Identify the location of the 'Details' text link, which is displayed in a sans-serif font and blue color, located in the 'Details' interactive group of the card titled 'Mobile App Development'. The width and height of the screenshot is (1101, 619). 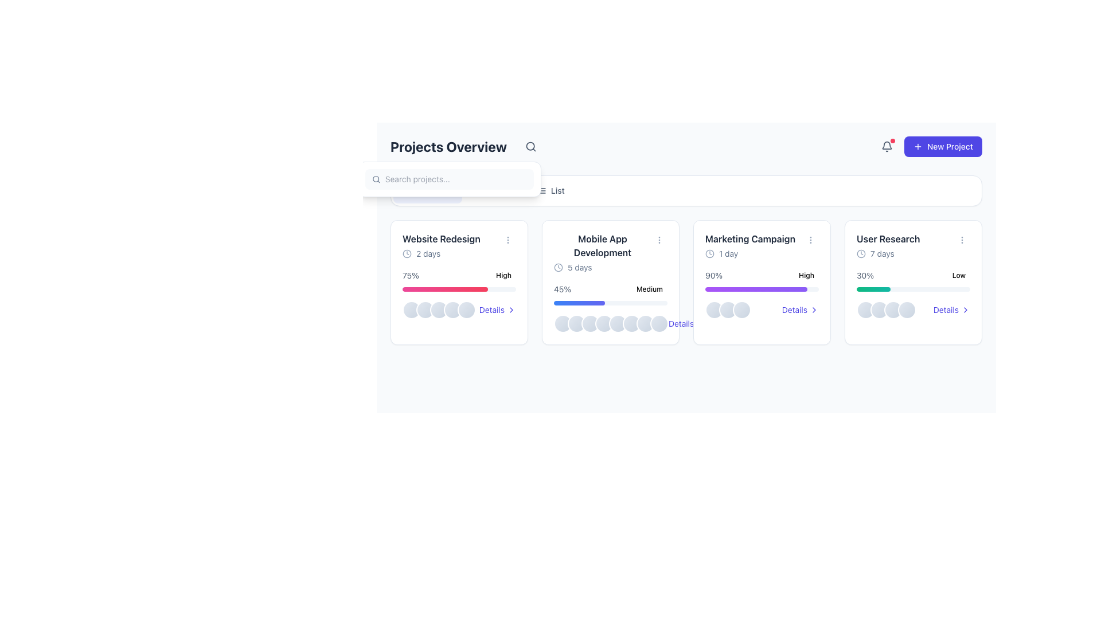
(681, 323).